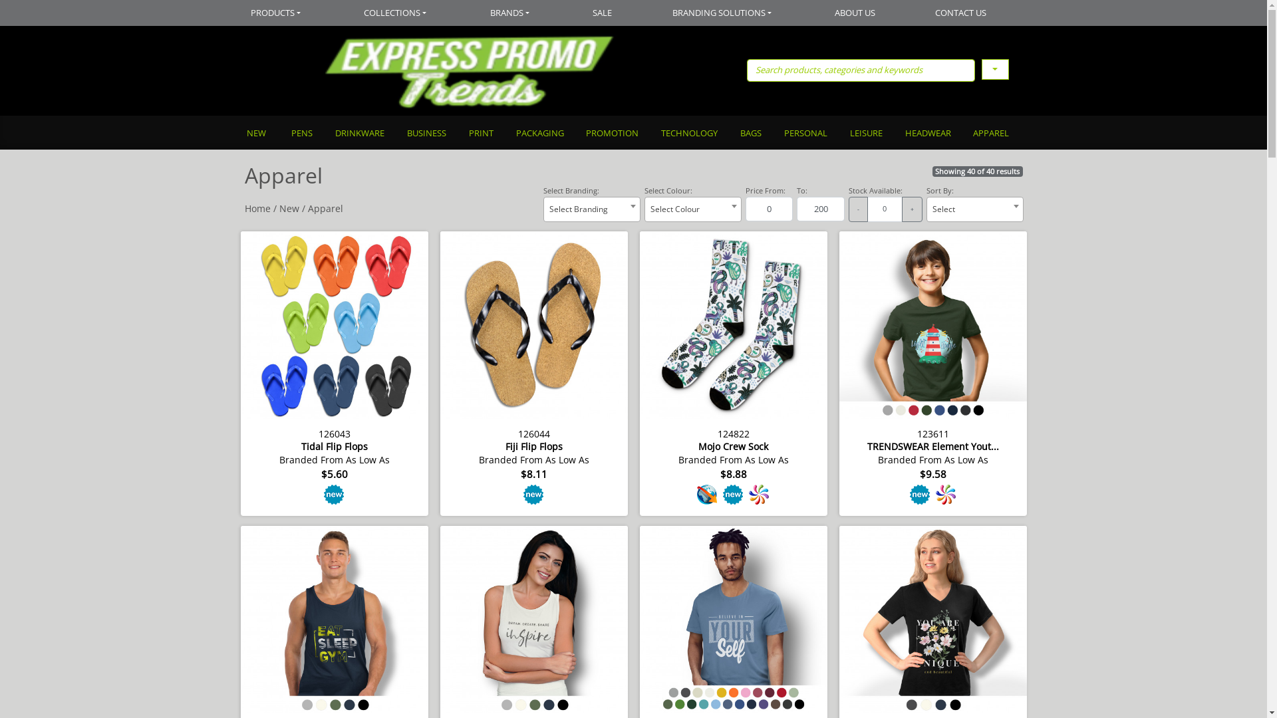 This screenshot has width=1277, height=718. I want to click on 'PERSONAL', so click(772, 134).